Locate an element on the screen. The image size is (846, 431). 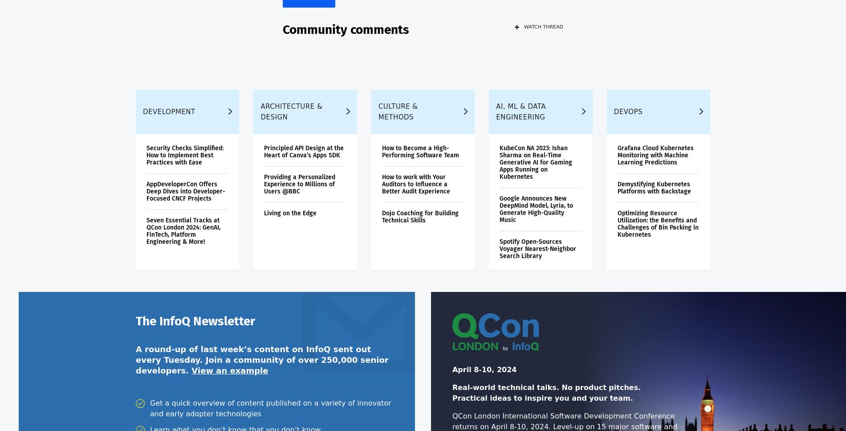
'Security Checks Simplified: How to Implement Best Practices with Ease' is located at coordinates (184, 160).